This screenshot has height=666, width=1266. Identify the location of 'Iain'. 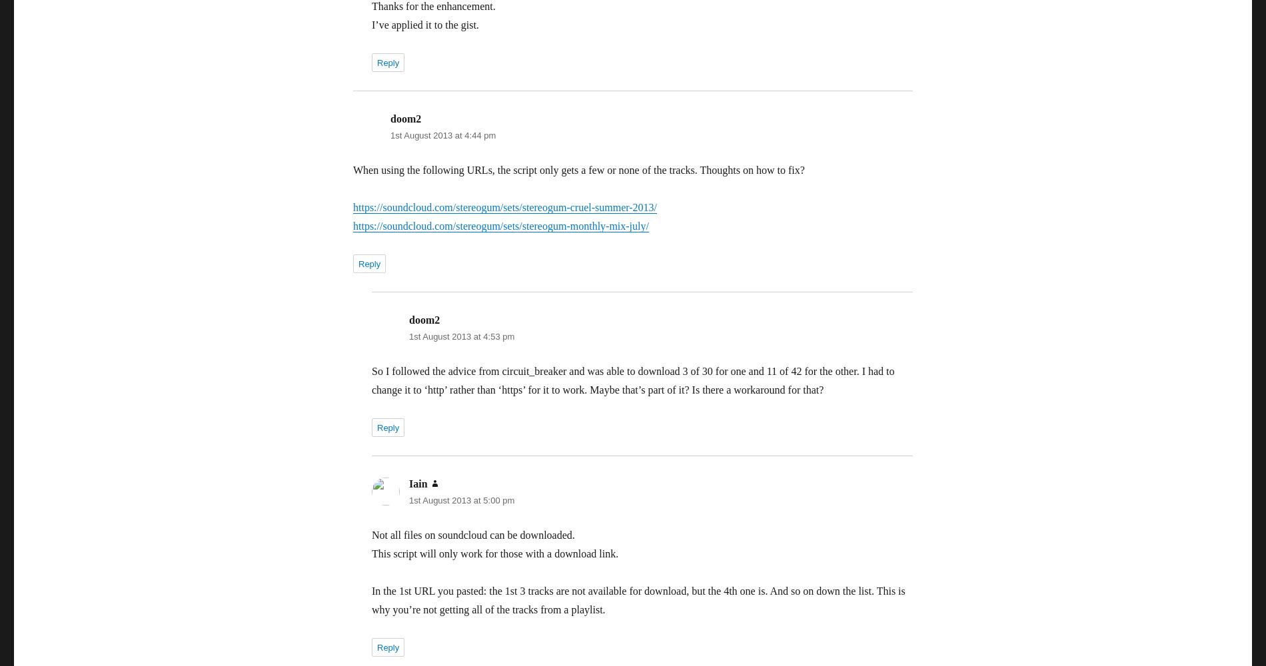
(418, 483).